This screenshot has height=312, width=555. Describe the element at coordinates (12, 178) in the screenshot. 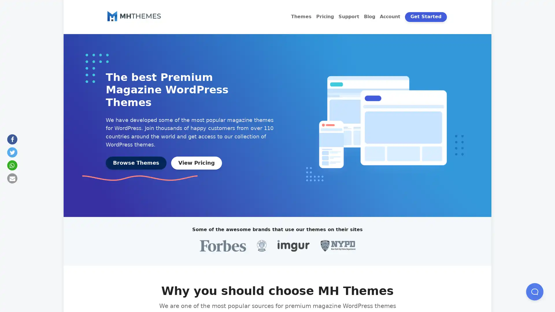

I see `Send by email` at that location.